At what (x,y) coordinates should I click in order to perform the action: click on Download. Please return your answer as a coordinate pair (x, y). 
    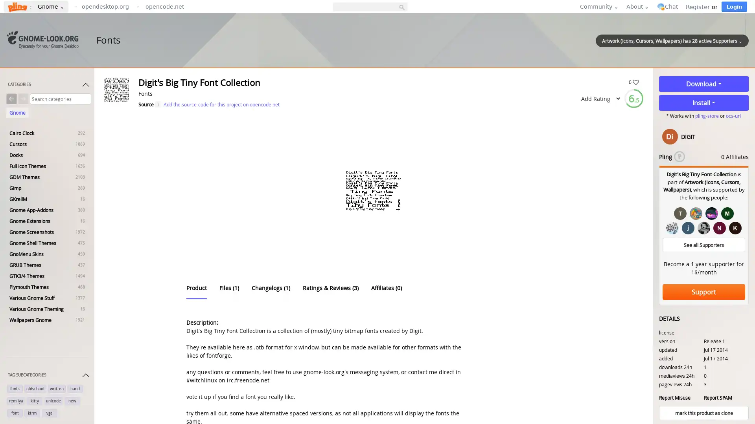
    Looking at the image, I should click on (704, 84).